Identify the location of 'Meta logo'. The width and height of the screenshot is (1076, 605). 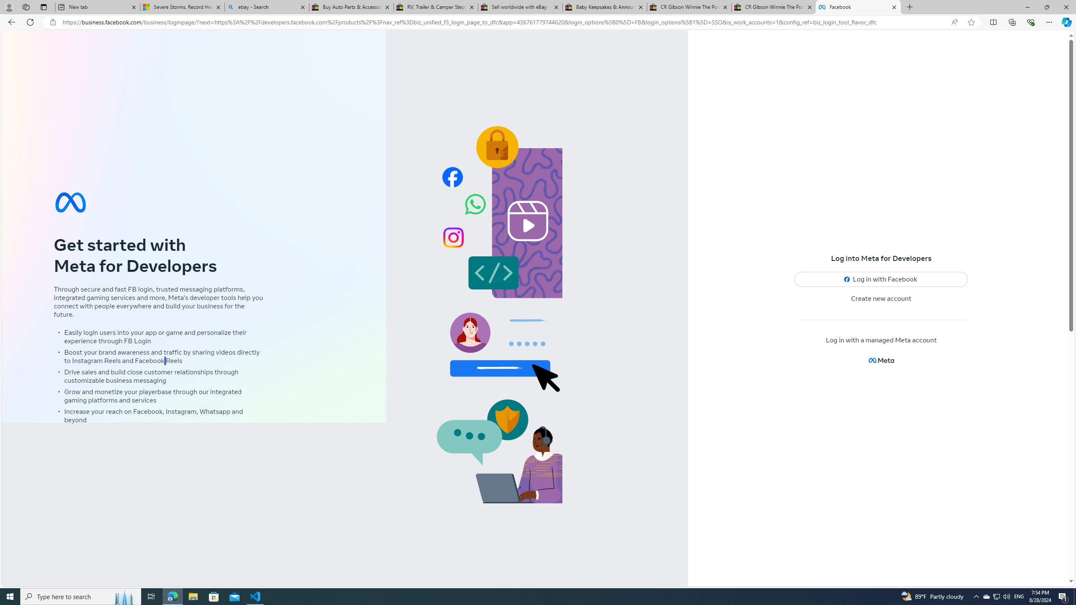
(881, 360).